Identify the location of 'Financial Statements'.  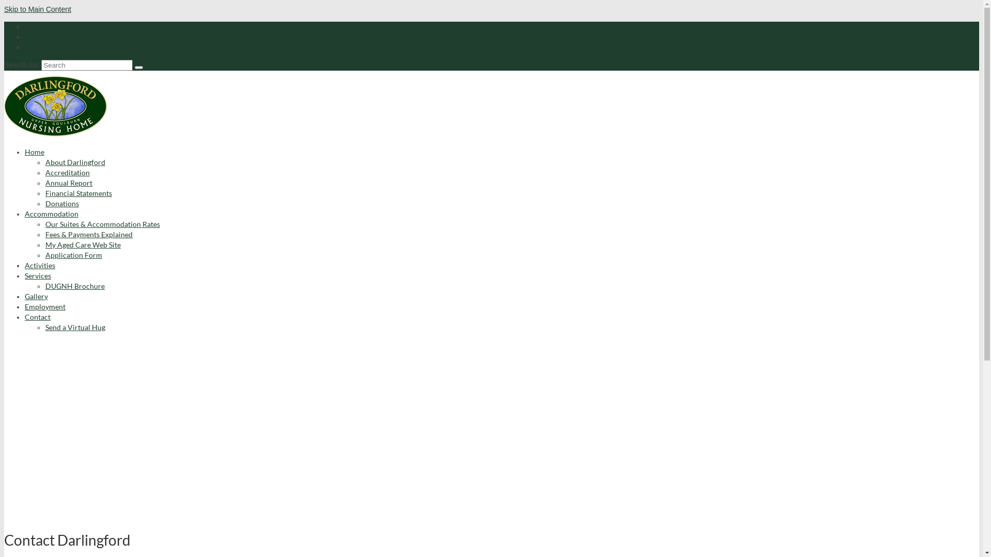
(78, 193).